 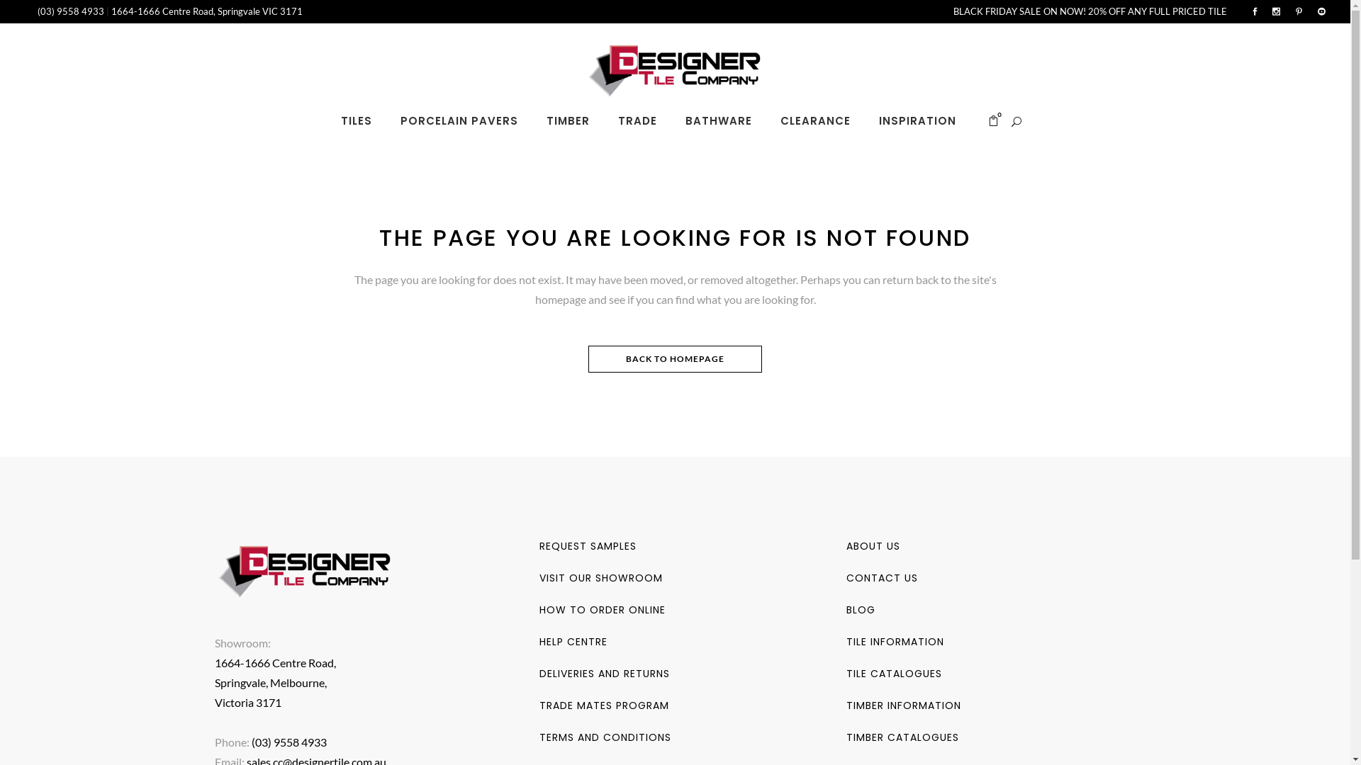 I want to click on '0', so click(x=992, y=120).